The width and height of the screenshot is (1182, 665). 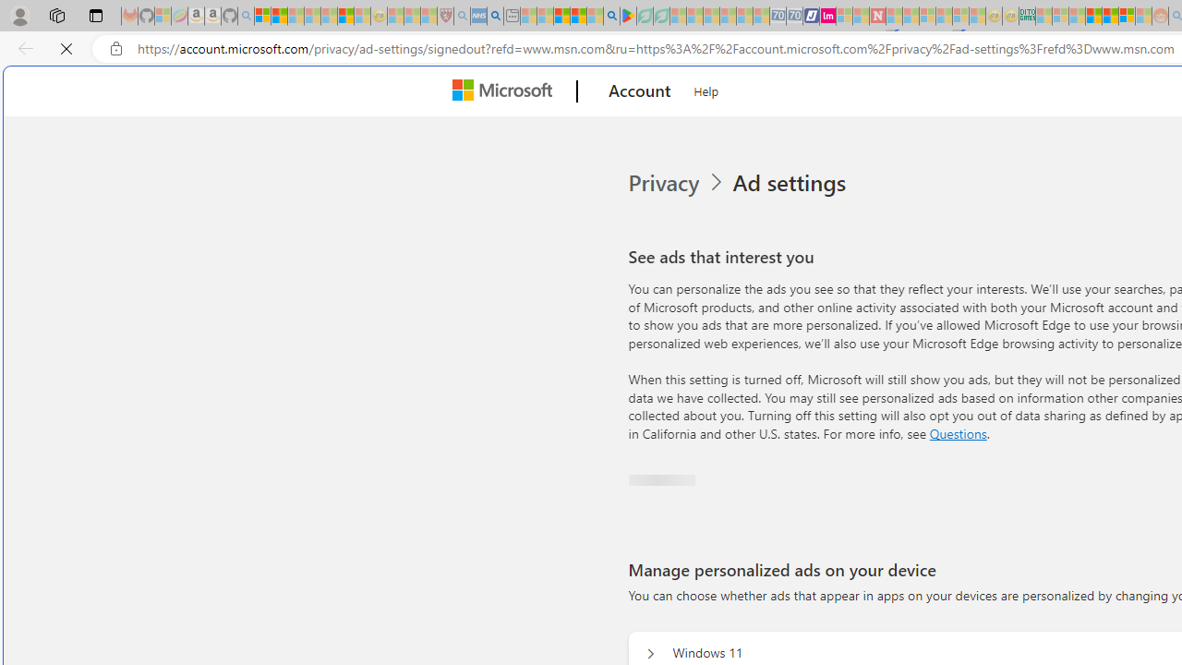 What do you see at coordinates (495, 16) in the screenshot?
I see `'utah sues federal government - Search'` at bounding box center [495, 16].